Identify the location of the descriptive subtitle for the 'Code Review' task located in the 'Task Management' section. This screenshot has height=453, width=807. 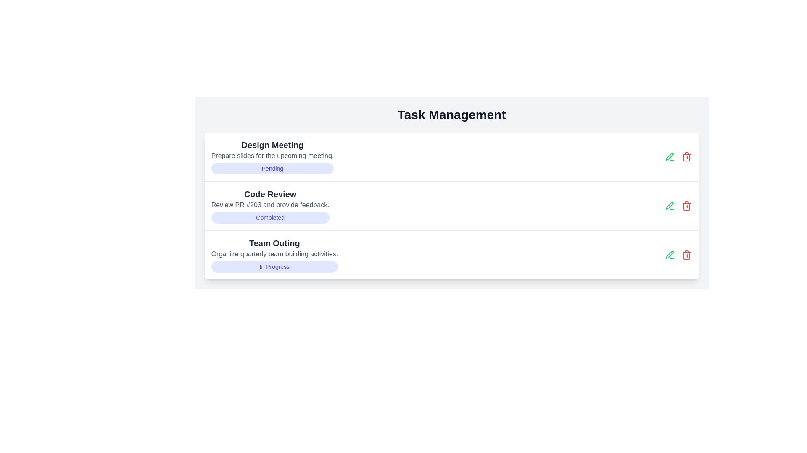
(270, 205).